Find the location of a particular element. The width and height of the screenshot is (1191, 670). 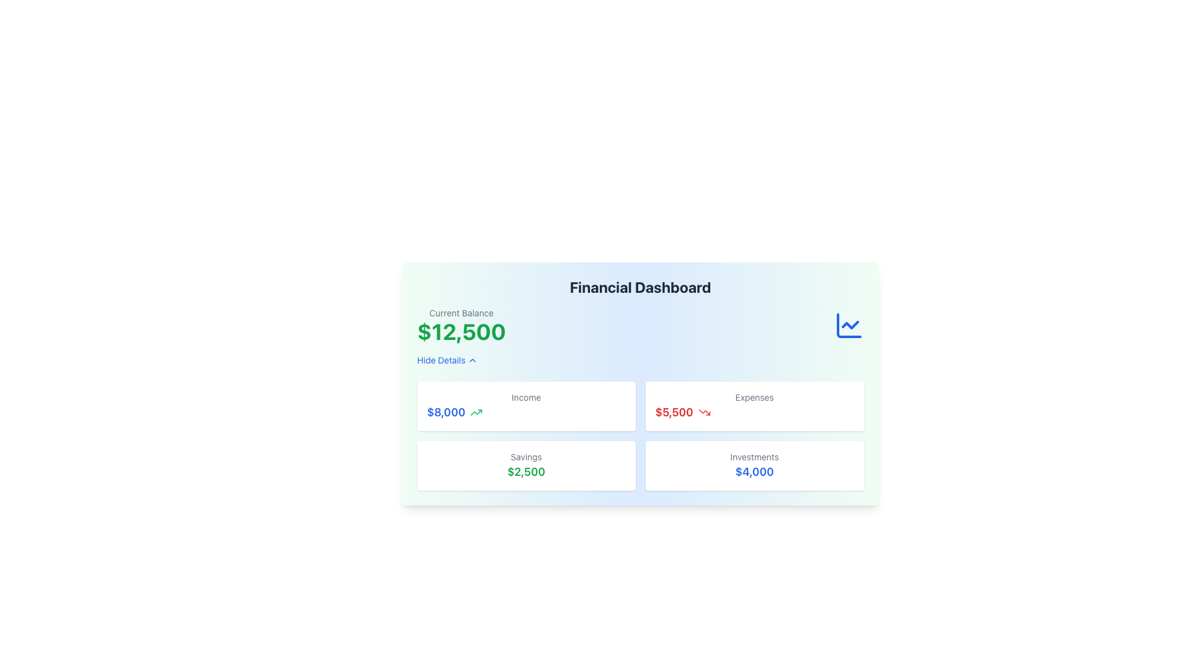

the bold heading with a large font size, colored in dark gray, located at the top center of the light-colored card is located at coordinates (640, 287).